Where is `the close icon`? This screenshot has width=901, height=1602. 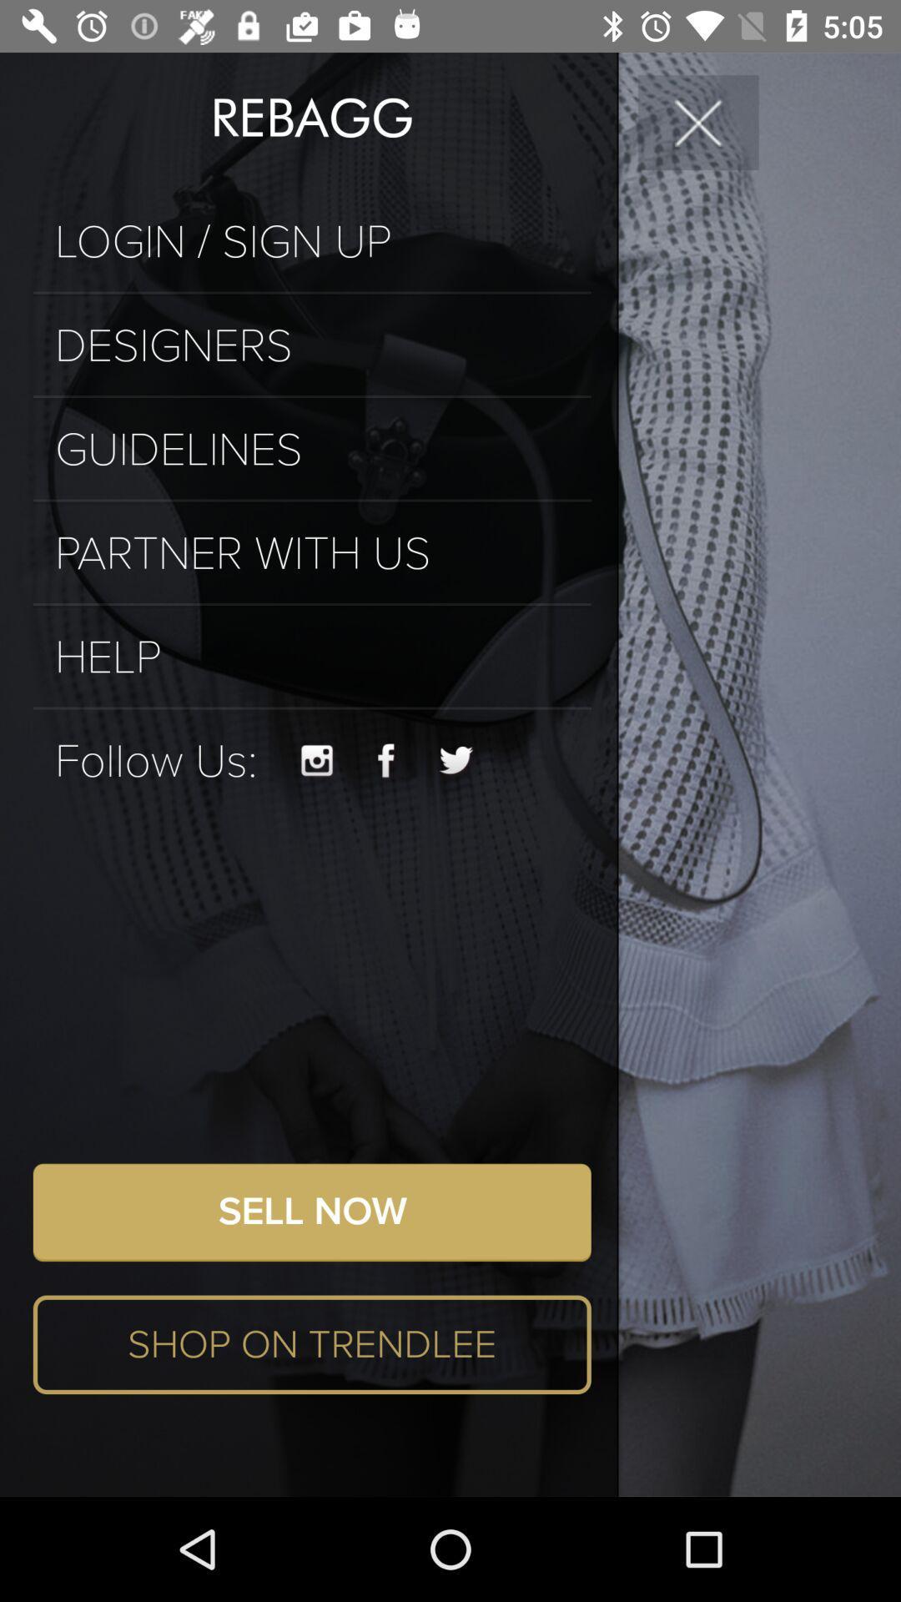 the close icon is located at coordinates (698, 121).